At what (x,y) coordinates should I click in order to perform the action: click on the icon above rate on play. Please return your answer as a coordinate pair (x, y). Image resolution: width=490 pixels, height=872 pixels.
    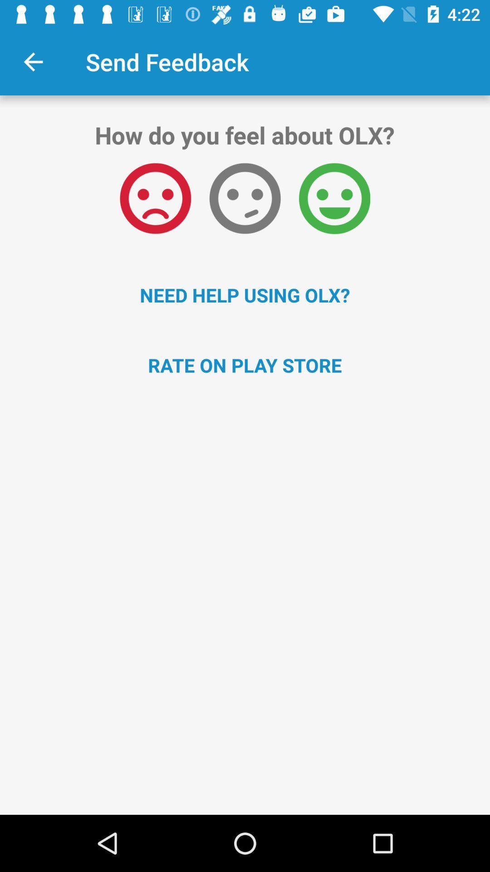
    Looking at the image, I should click on (245, 295).